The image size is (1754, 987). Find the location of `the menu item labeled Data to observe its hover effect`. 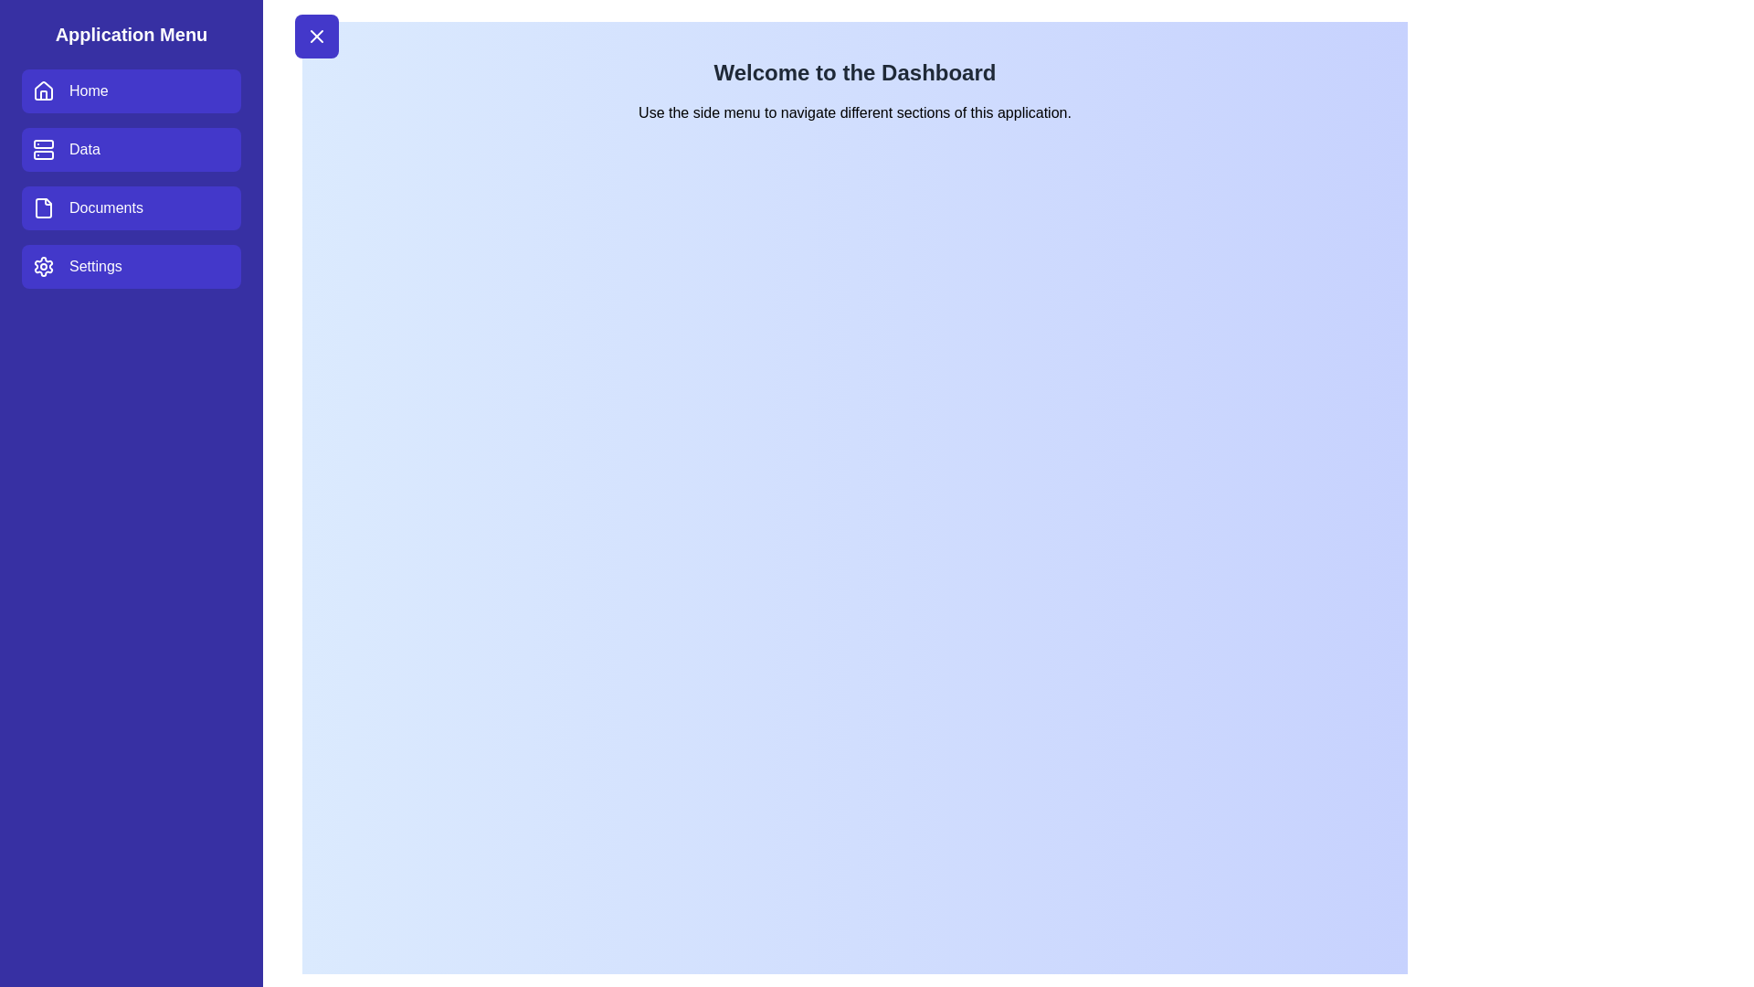

the menu item labeled Data to observe its hover effect is located at coordinates (131, 149).